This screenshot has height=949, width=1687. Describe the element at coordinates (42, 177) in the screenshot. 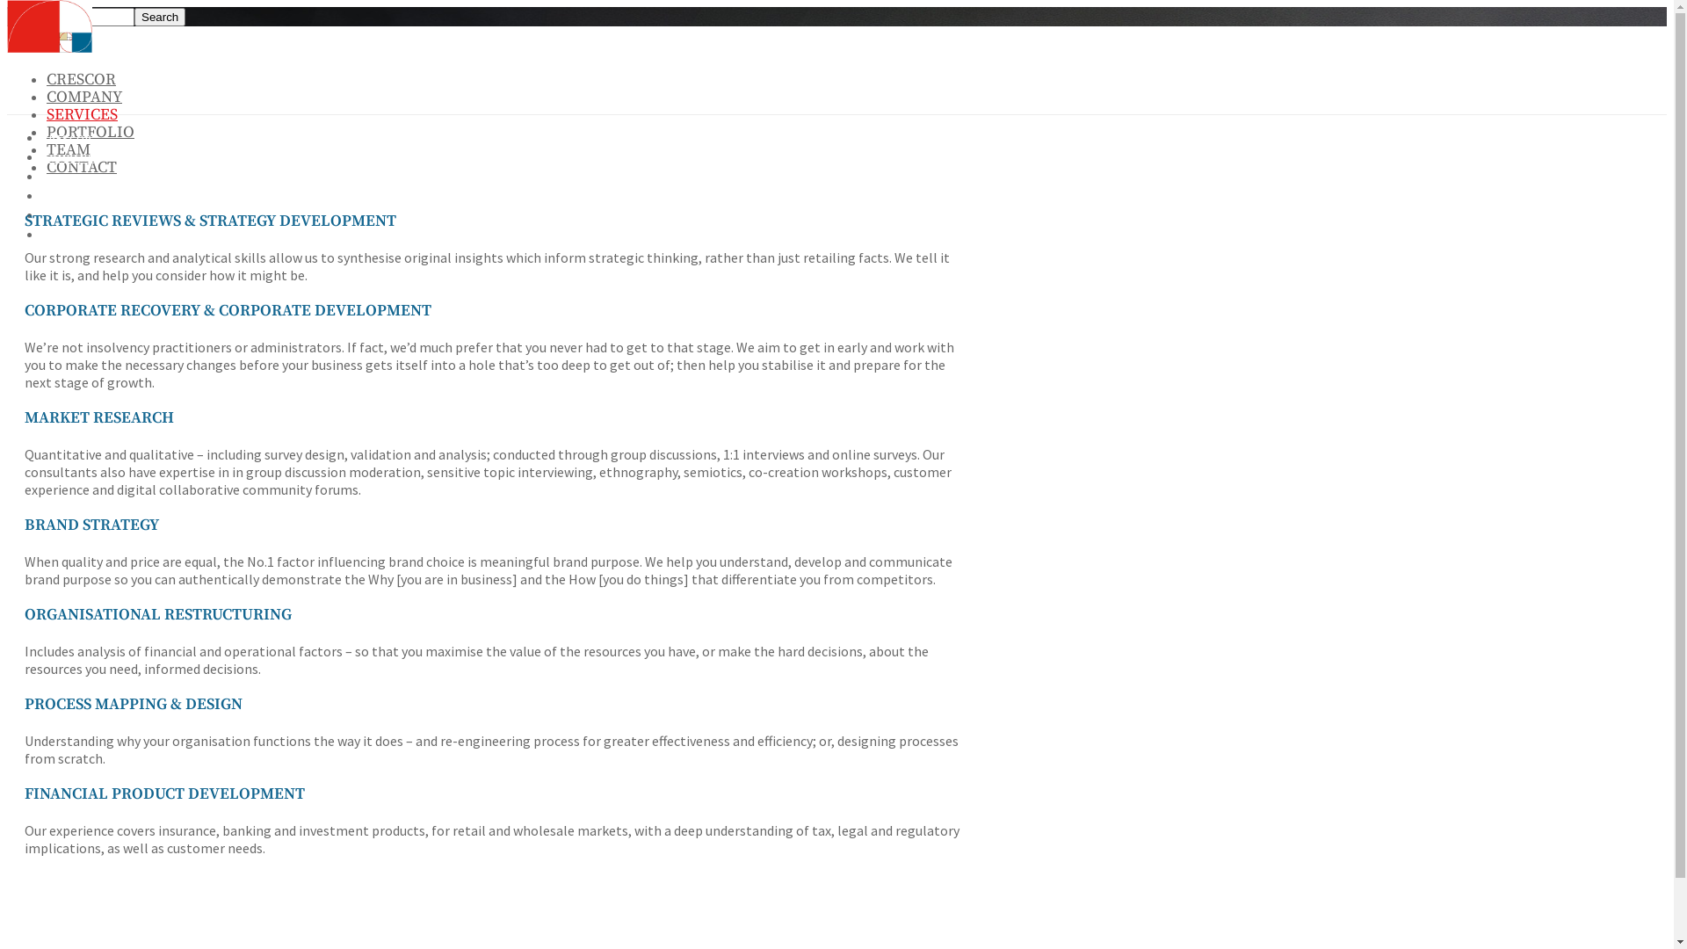

I see `'SERVICES'` at that location.